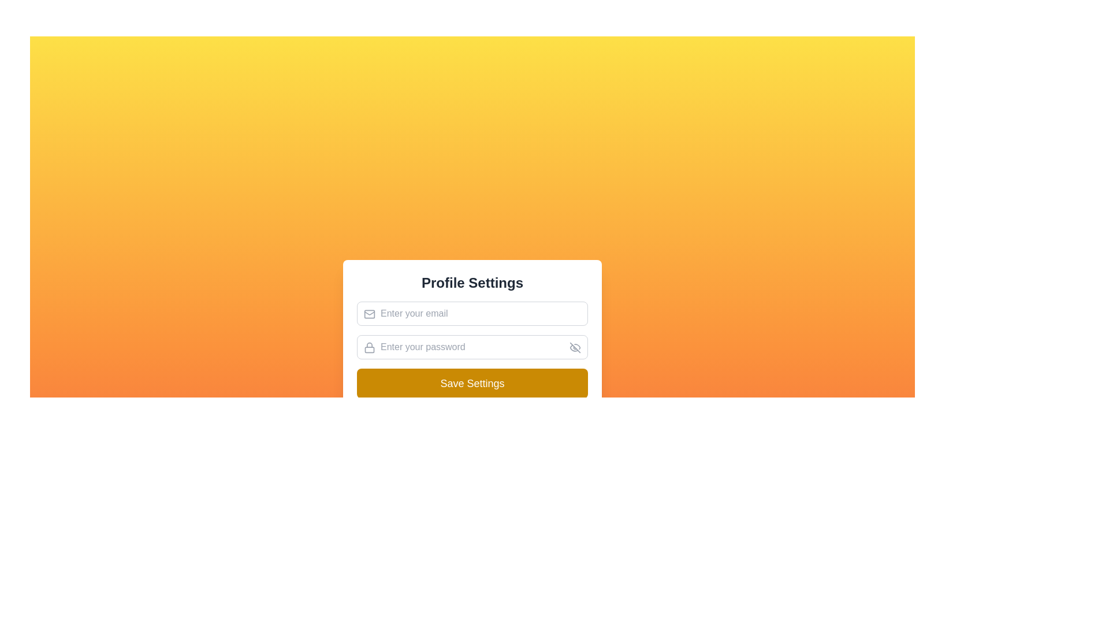 This screenshot has height=624, width=1109. Describe the element at coordinates (472, 347) in the screenshot. I see `the Password Input Field located in the middle section of the 'Save Settings' card to focus and start typing a password` at that location.